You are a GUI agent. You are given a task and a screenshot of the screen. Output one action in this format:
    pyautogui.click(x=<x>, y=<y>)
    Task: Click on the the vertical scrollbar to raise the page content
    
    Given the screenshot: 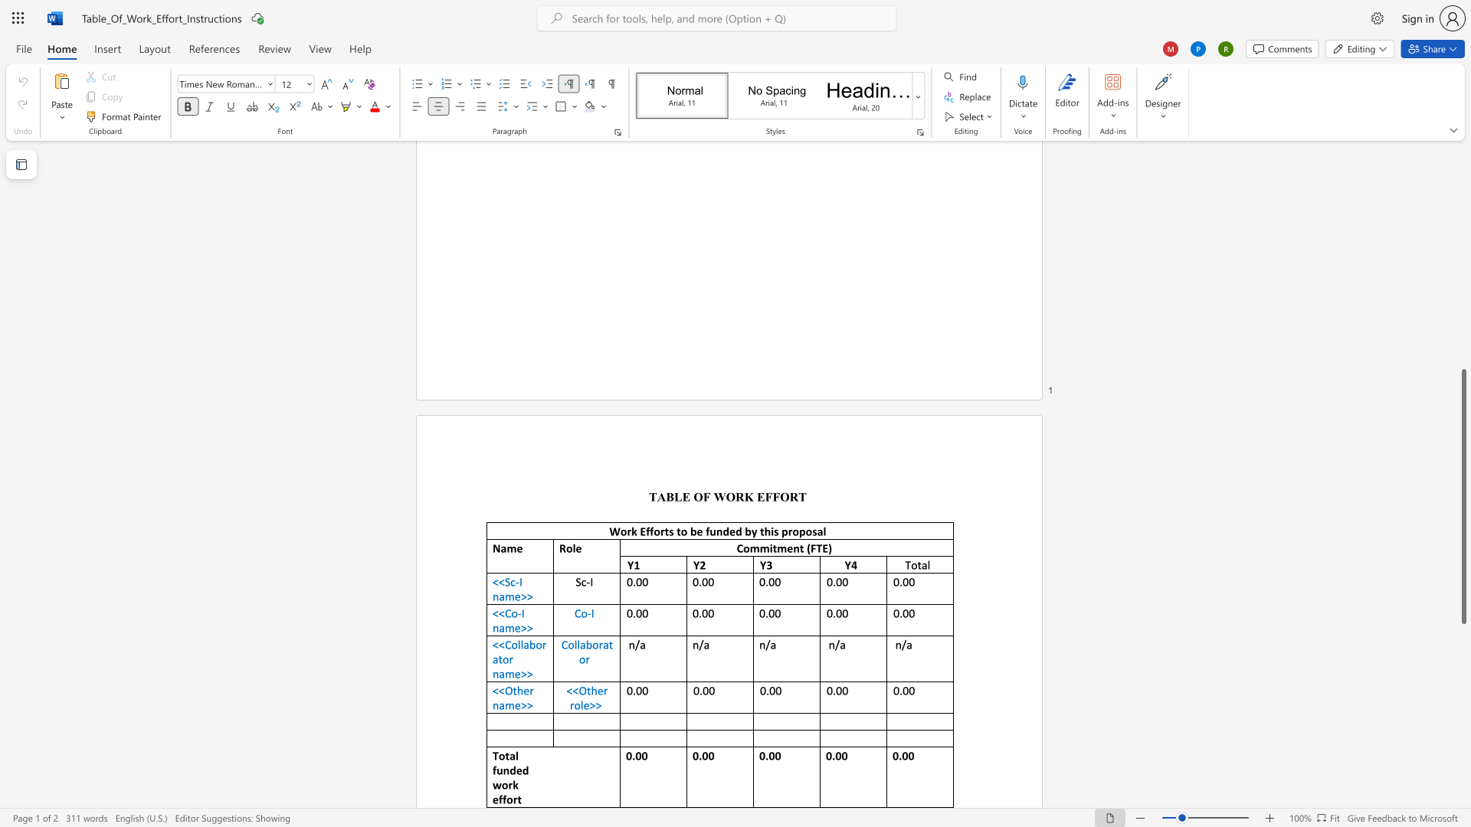 What is the action you would take?
    pyautogui.click(x=1463, y=335)
    